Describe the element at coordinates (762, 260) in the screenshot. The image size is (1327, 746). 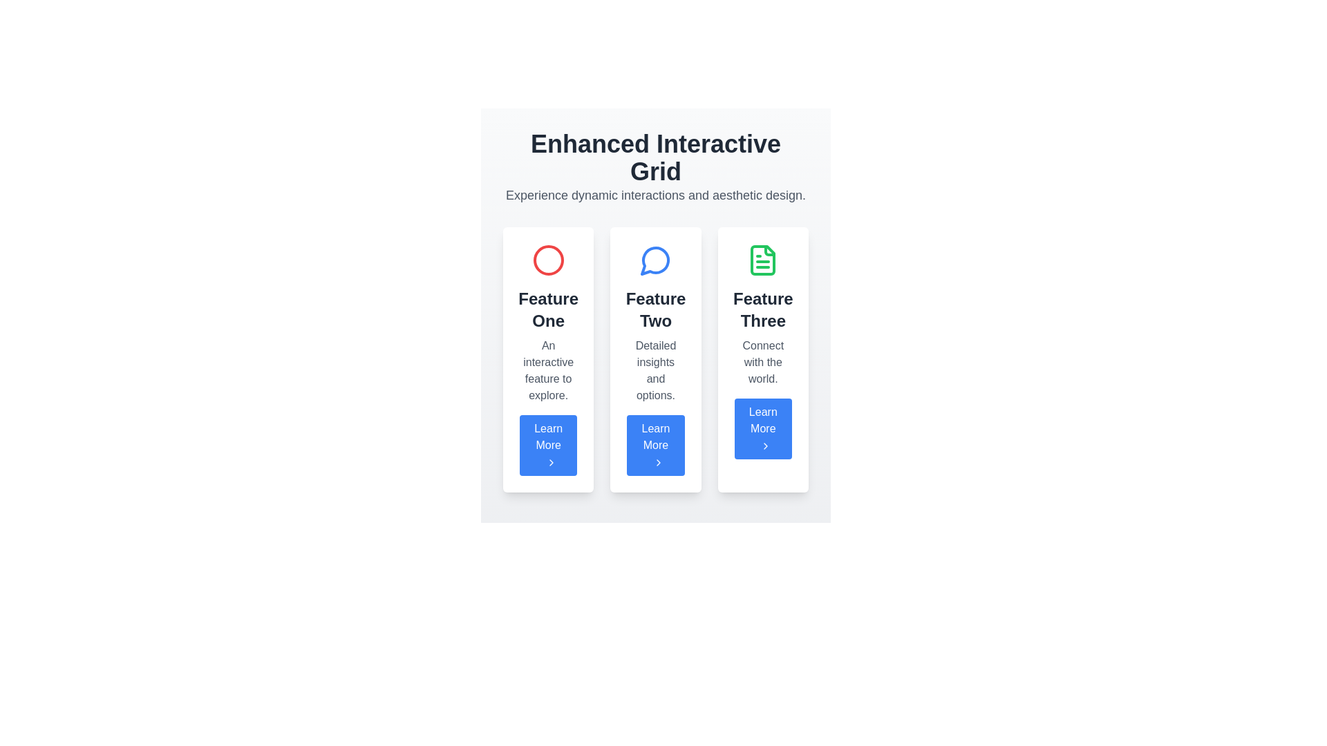
I see `the green file icon located at the top of the 'Feature Three' card, which is centered above the title 'Feature Three'` at that location.